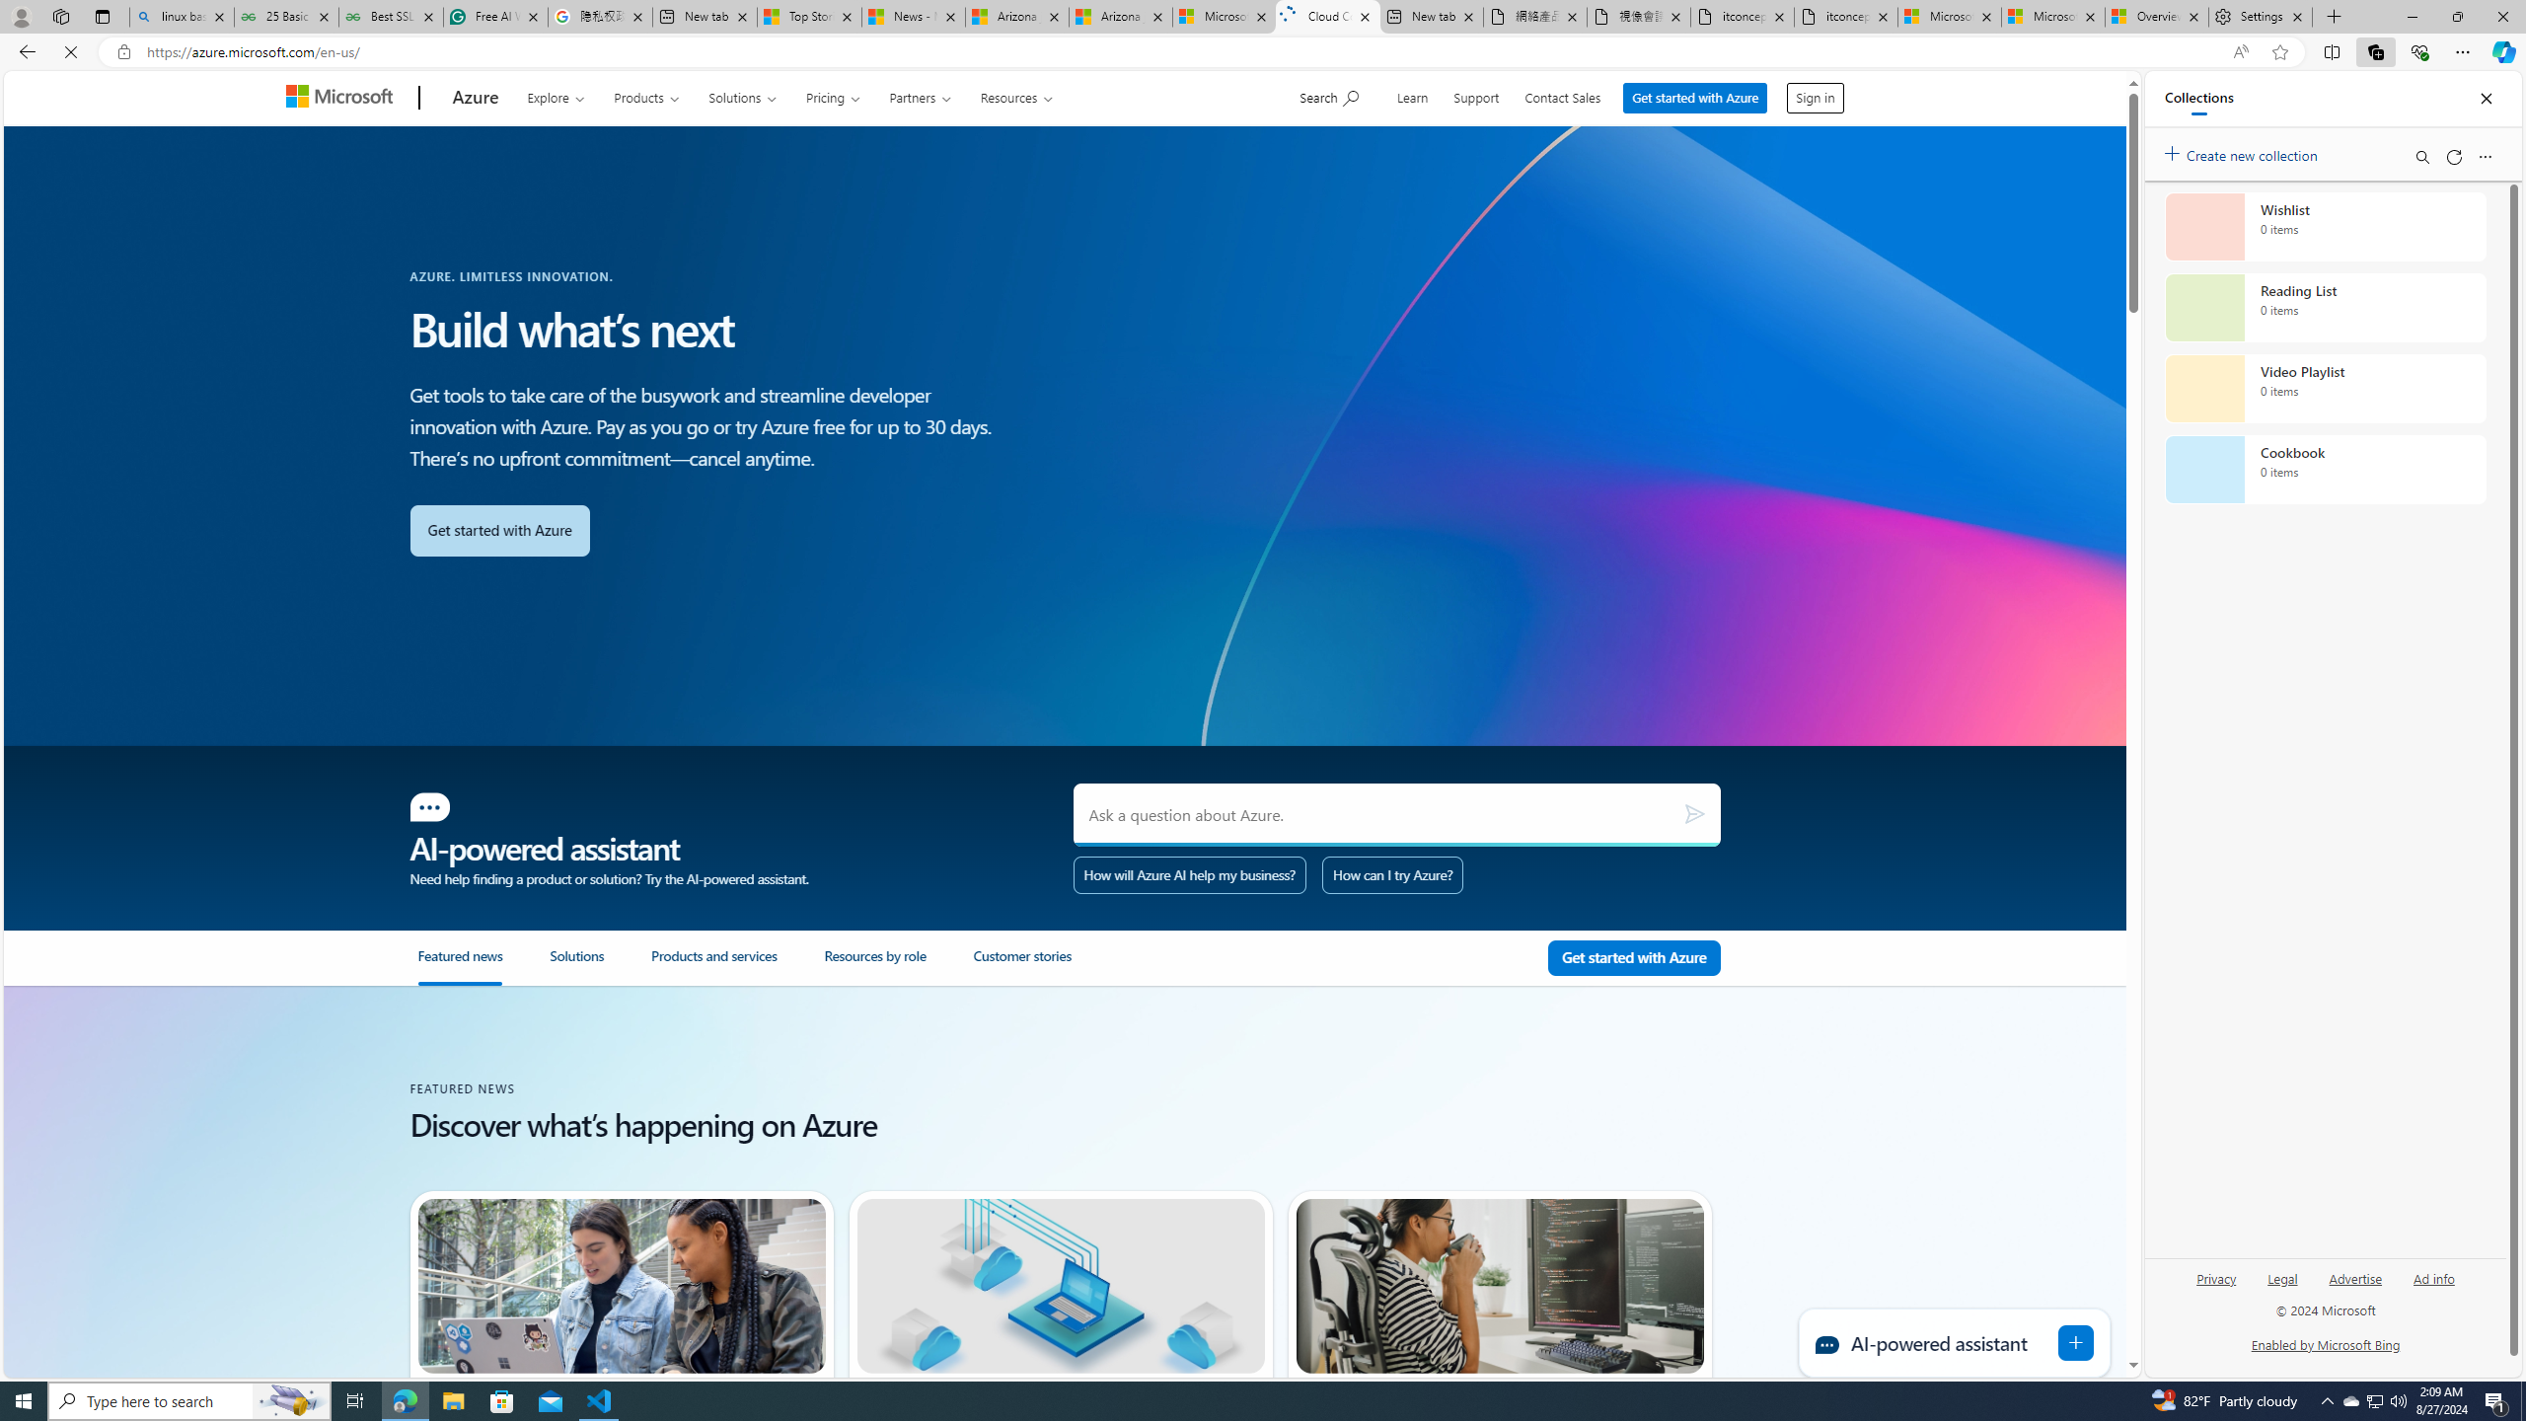 The width and height of the screenshot is (2526, 1421). I want to click on 'Show search input', so click(1331, 95).